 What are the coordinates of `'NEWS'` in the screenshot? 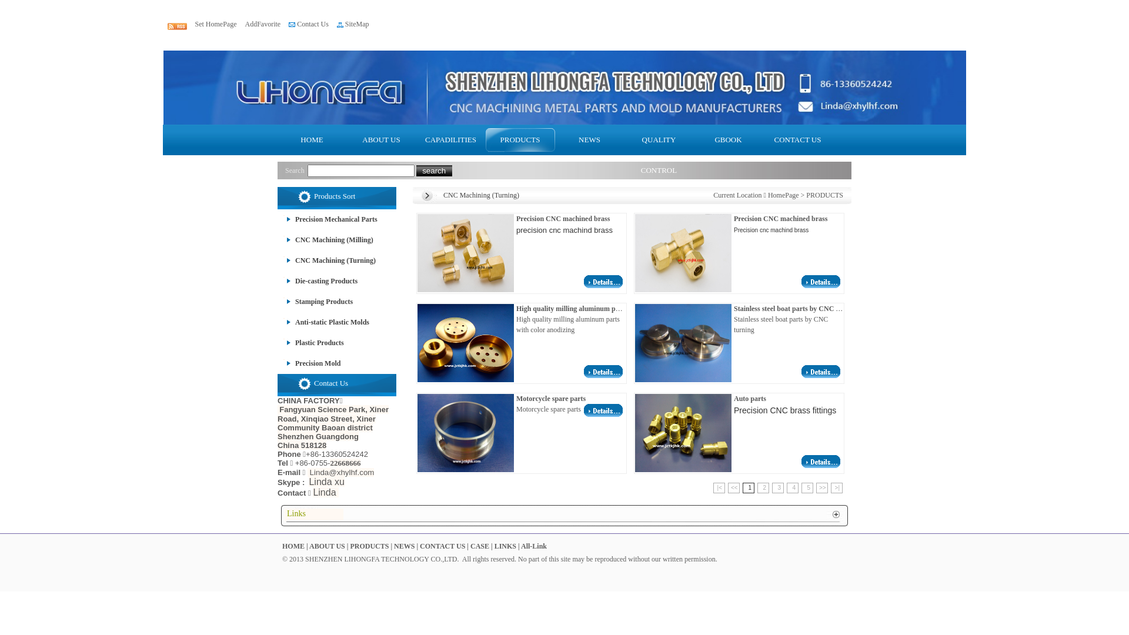 It's located at (404, 546).